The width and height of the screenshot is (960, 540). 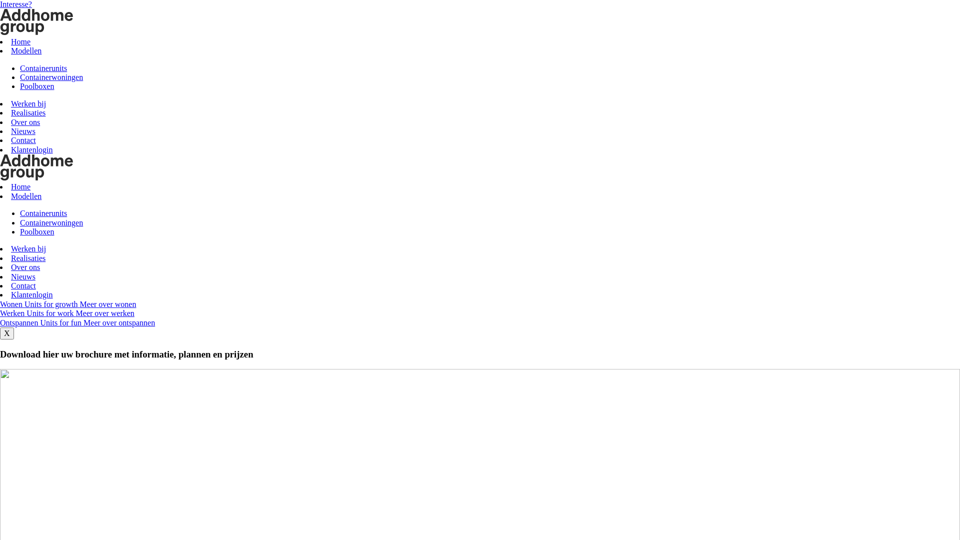 What do you see at coordinates (16, 4) in the screenshot?
I see `'Interesse?'` at bounding box center [16, 4].